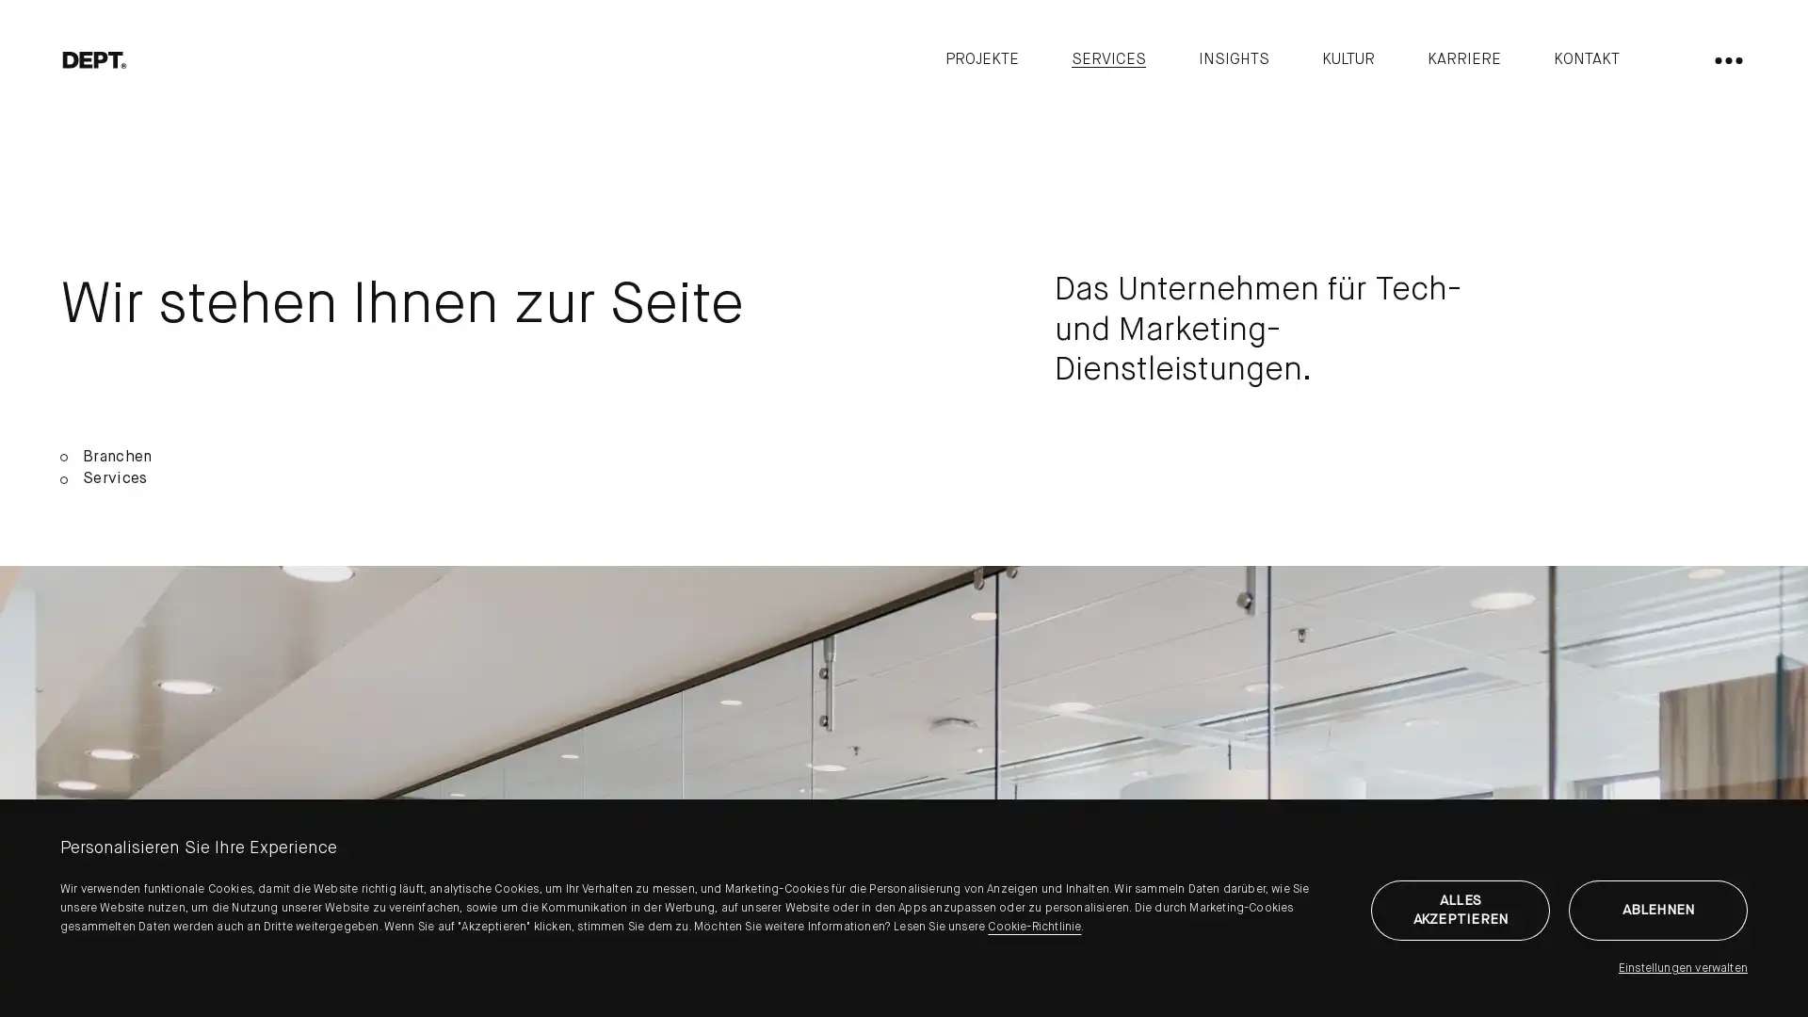 The image size is (1808, 1017). What do you see at coordinates (482, 458) in the screenshot?
I see `Branchen` at bounding box center [482, 458].